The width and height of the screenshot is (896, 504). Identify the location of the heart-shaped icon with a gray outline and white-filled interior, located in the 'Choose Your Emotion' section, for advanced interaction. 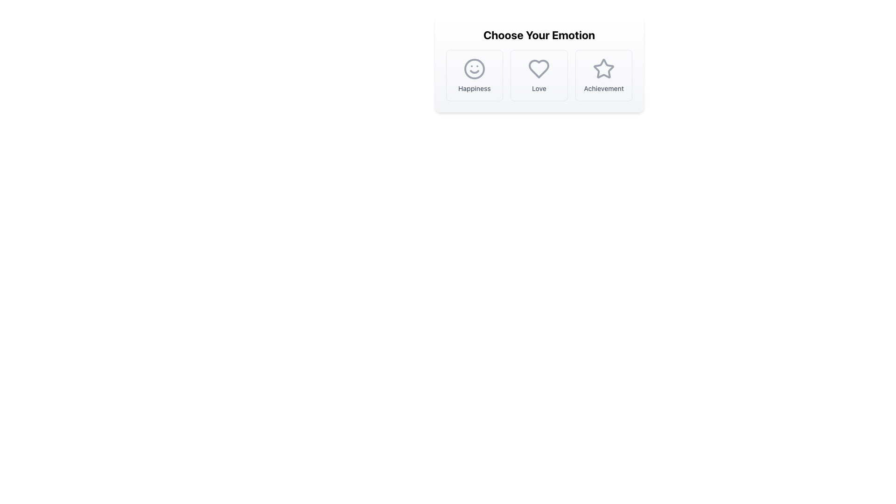
(539, 68).